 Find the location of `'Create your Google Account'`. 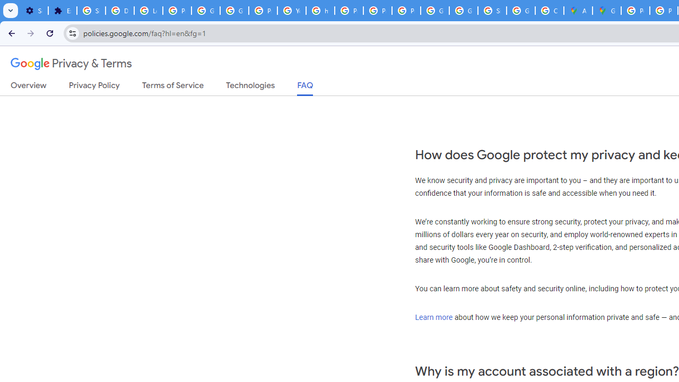

'Create your Google Account' is located at coordinates (550, 11).